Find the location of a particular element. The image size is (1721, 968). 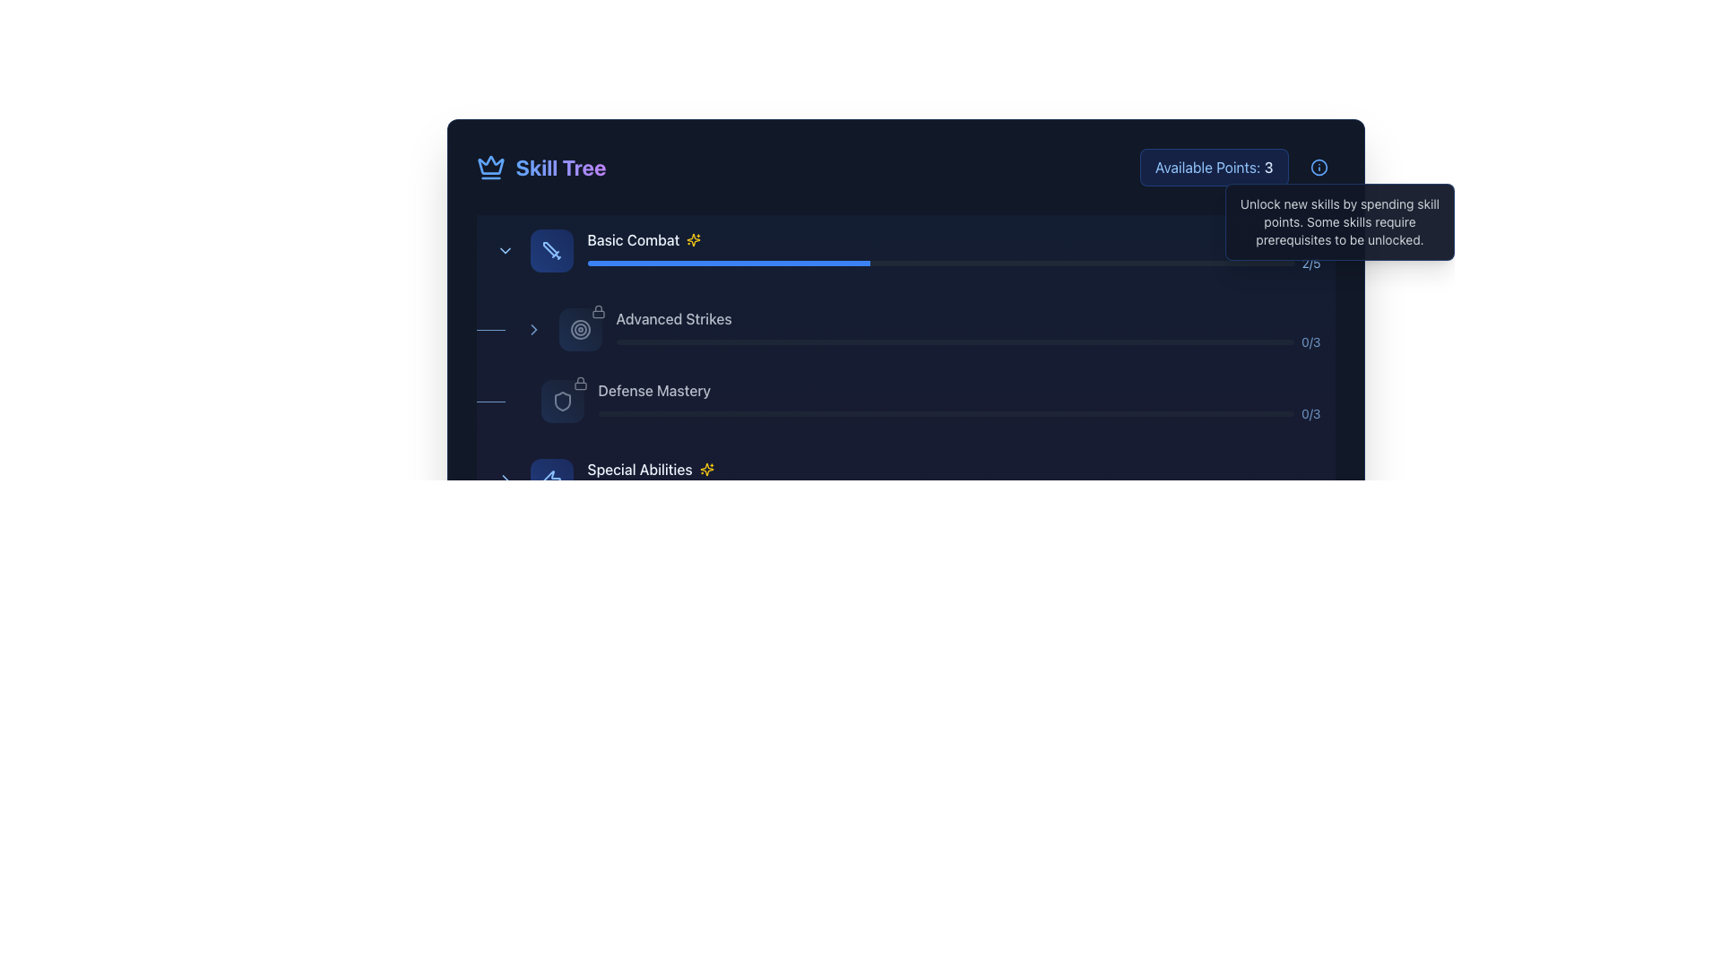

the circular blue icon with an 'i' symbol is located at coordinates (1319, 167).